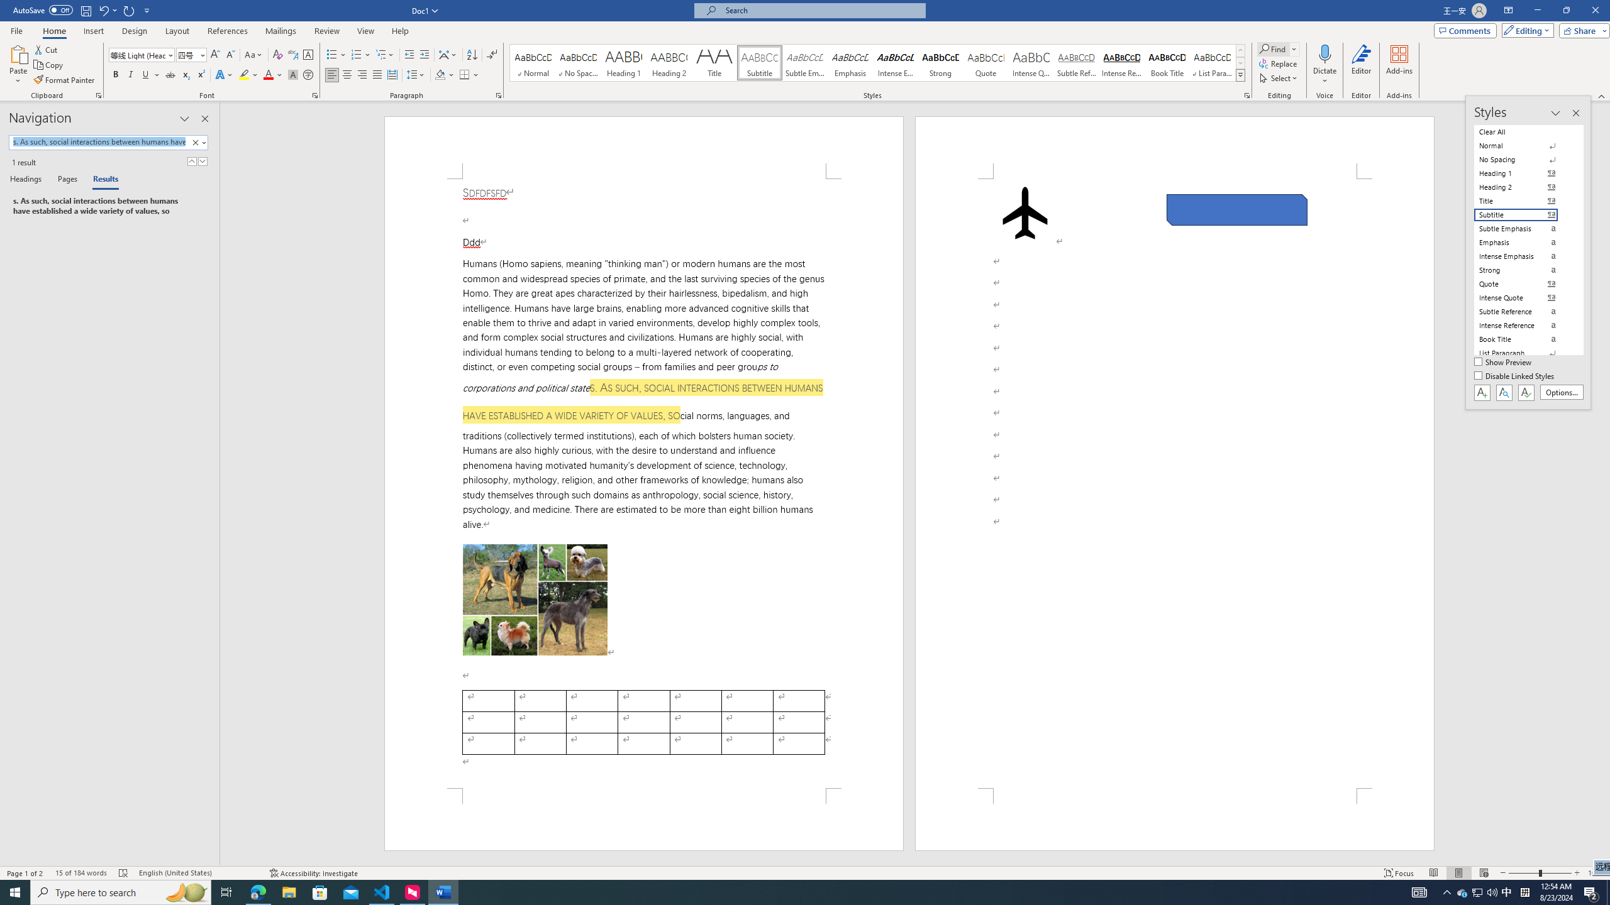 The width and height of the screenshot is (1610, 905). What do you see at coordinates (1515, 376) in the screenshot?
I see `'Disable Linked Styles'` at bounding box center [1515, 376].